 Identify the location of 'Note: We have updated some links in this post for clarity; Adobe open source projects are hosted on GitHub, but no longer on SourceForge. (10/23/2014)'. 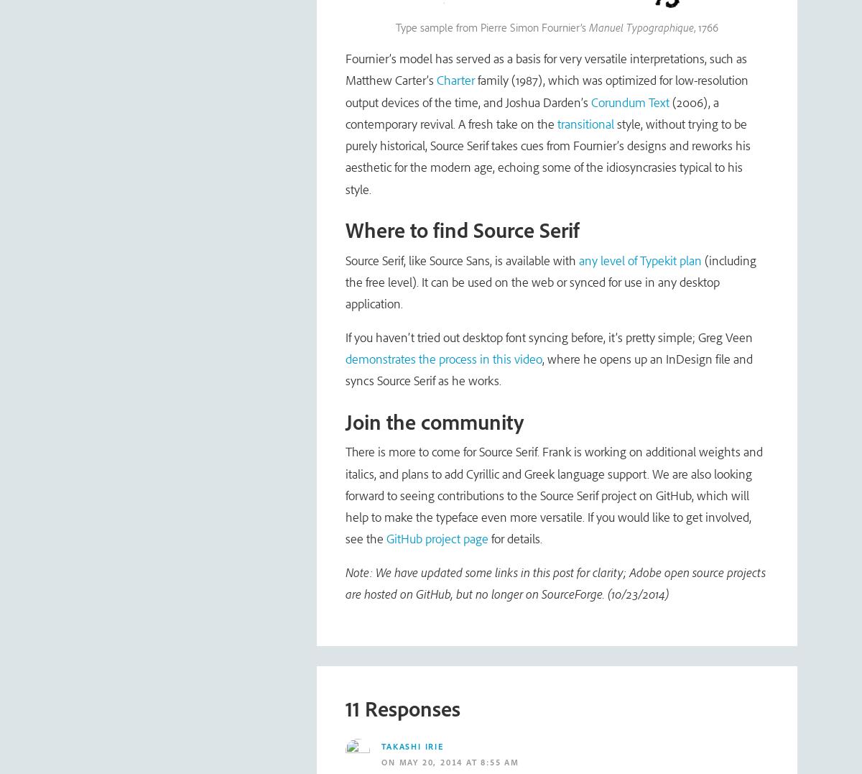
(555, 583).